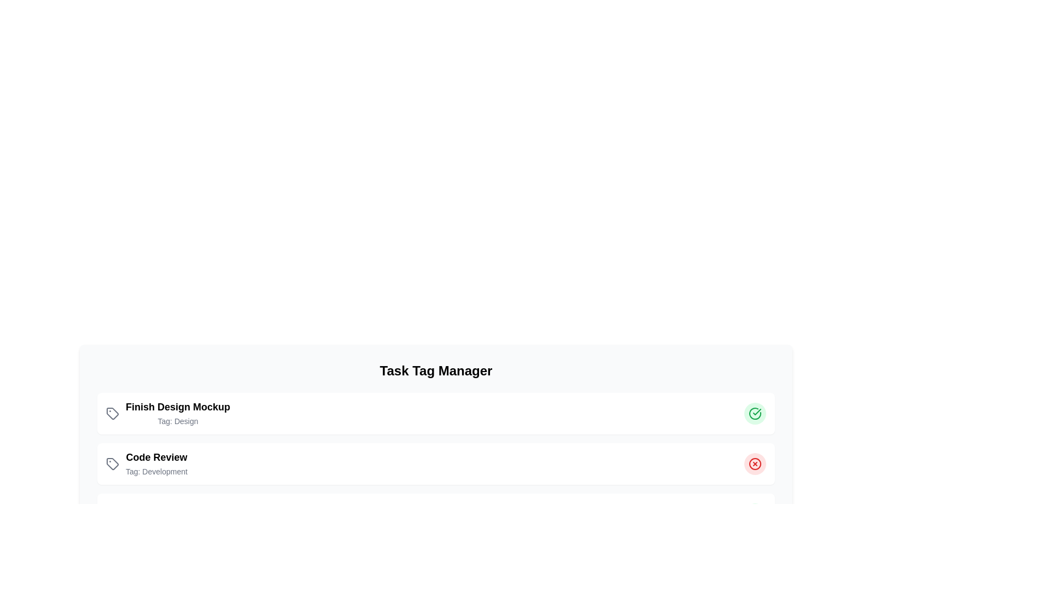 Image resolution: width=1050 pixels, height=591 pixels. Describe the element at coordinates (755, 414) in the screenshot. I see `the small circular icon button with a light green background and a green checkmark symbol, located at the far right of the first row displaying 'Finish Design Mockup' and 'Tag: Design'` at that location.